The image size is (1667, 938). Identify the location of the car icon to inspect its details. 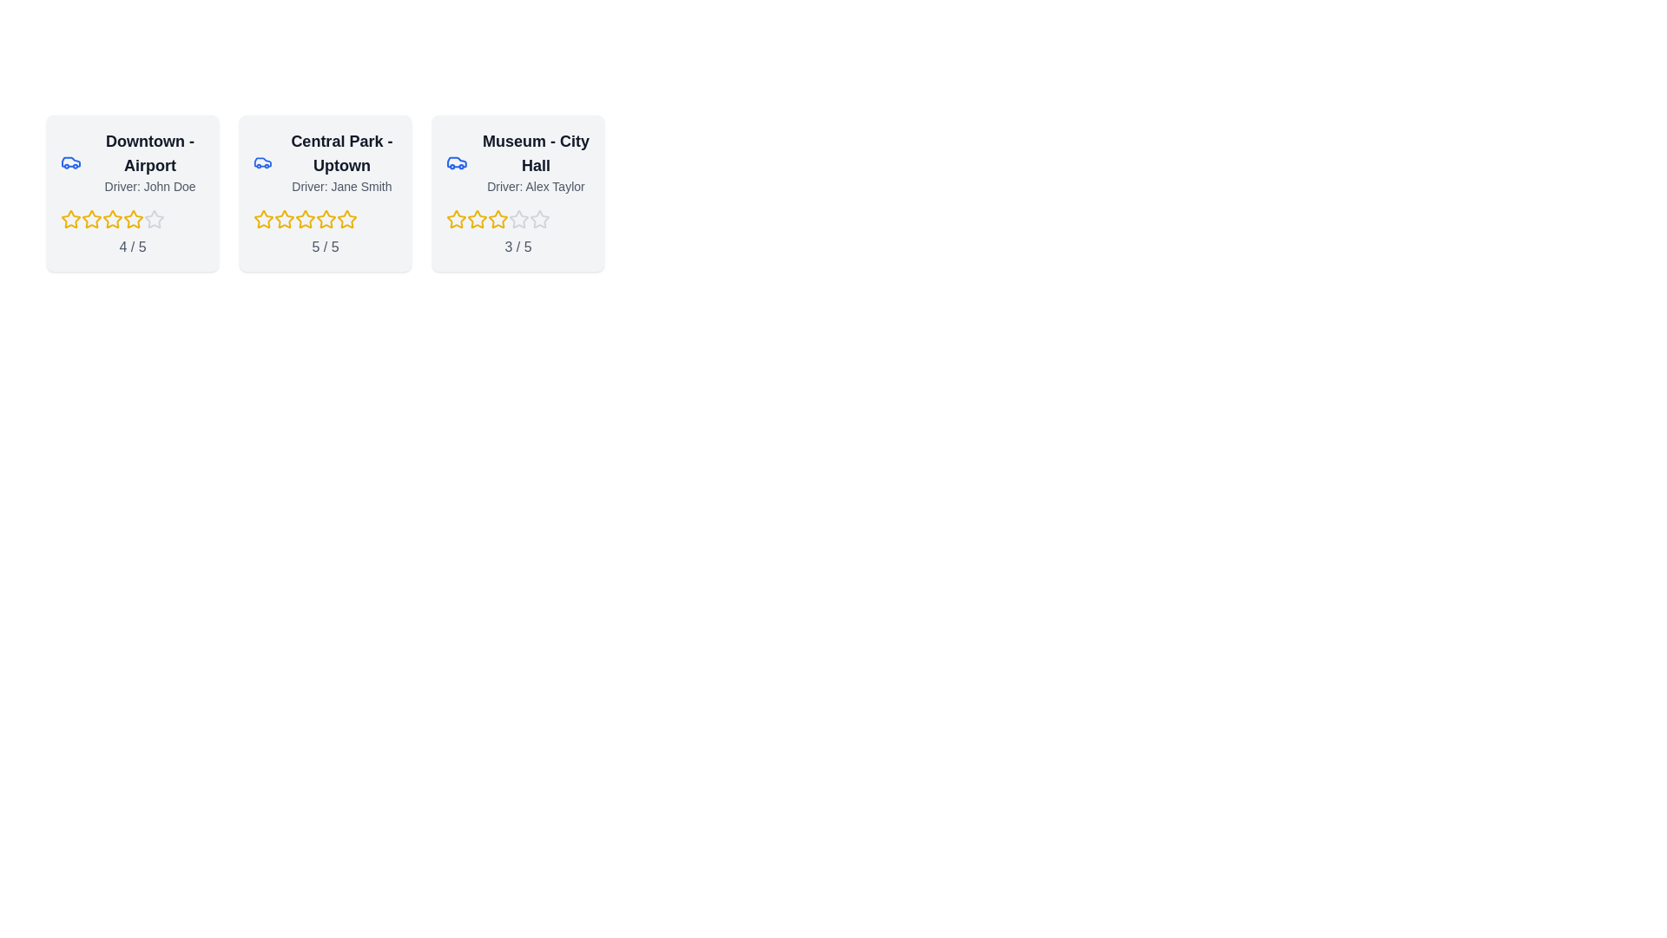
(69, 162).